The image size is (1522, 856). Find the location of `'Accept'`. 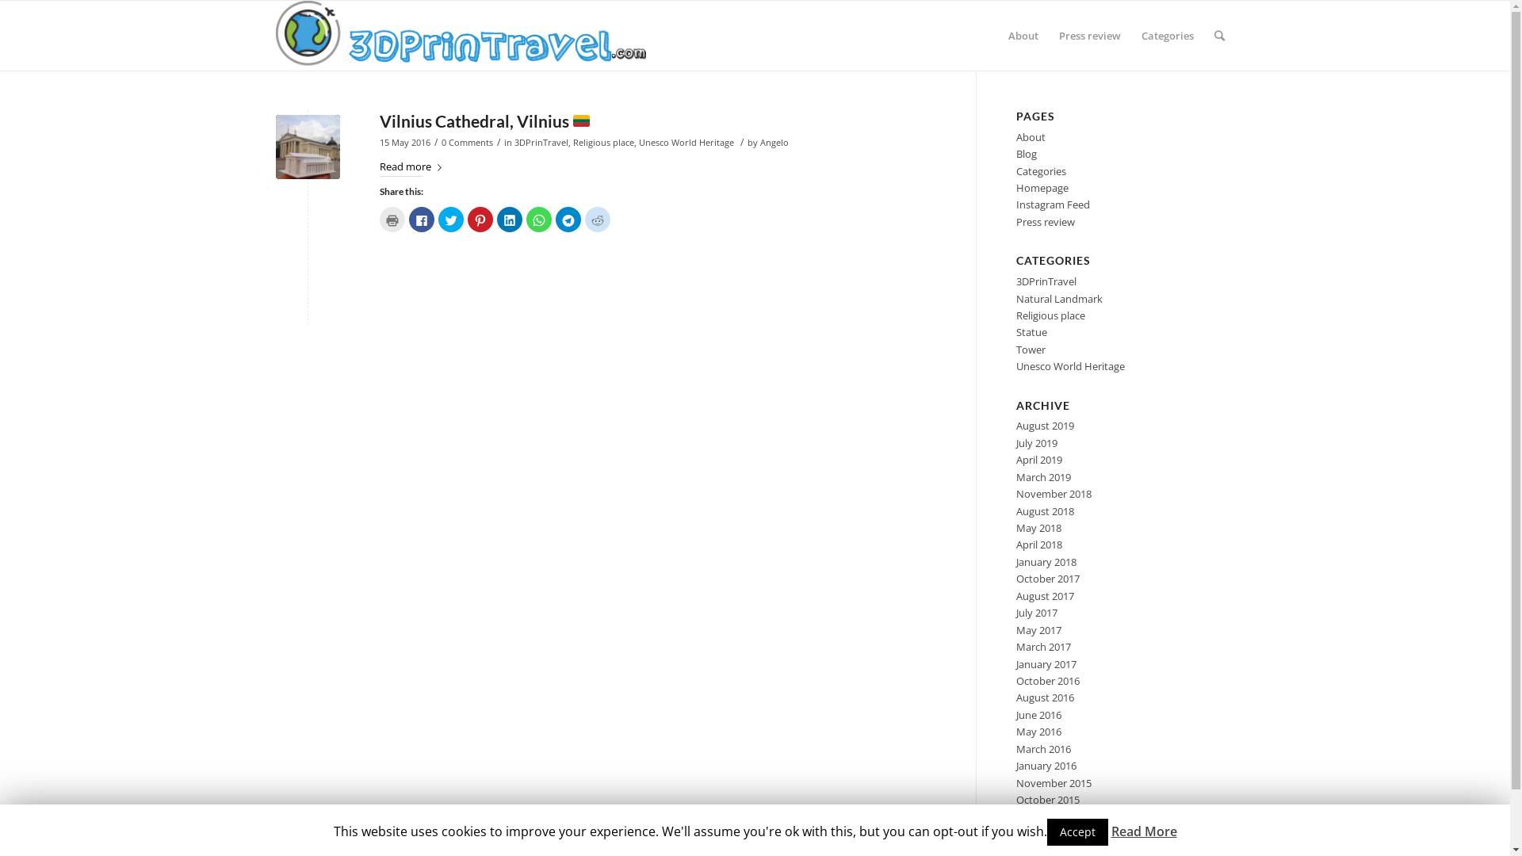

'Accept' is located at coordinates (1076, 831).